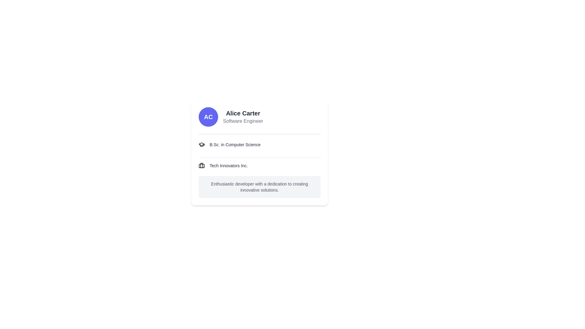  What do you see at coordinates (243, 121) in the screenshot?
I see `the descriptive text label positioned directly below the name 'Alice Carter' in the vertically aligned card layout` at bounding box center [243, 121].